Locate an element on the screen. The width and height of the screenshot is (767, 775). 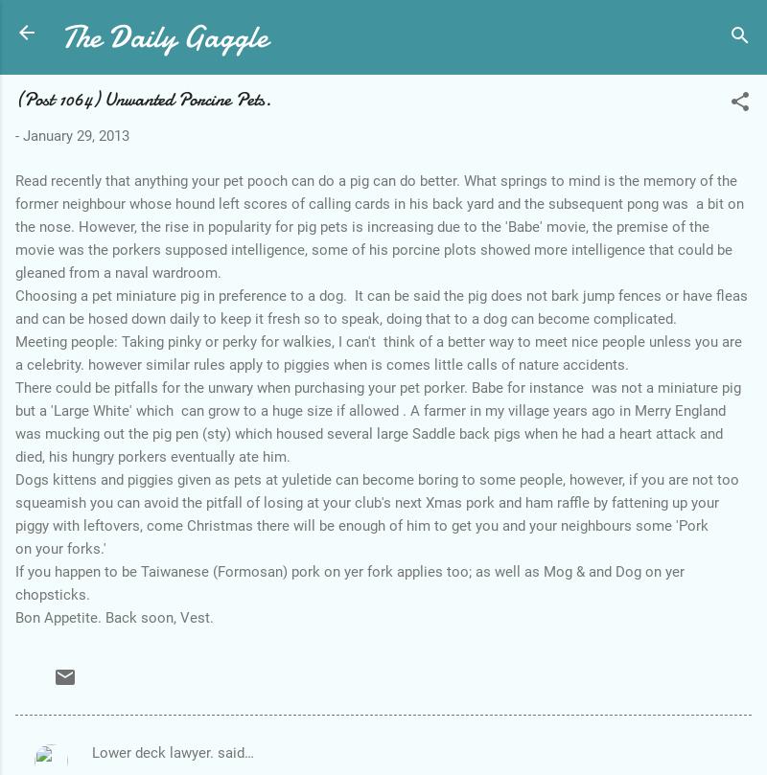
'Lower deck lawyer. said…' is located at coordinates (92, 750).